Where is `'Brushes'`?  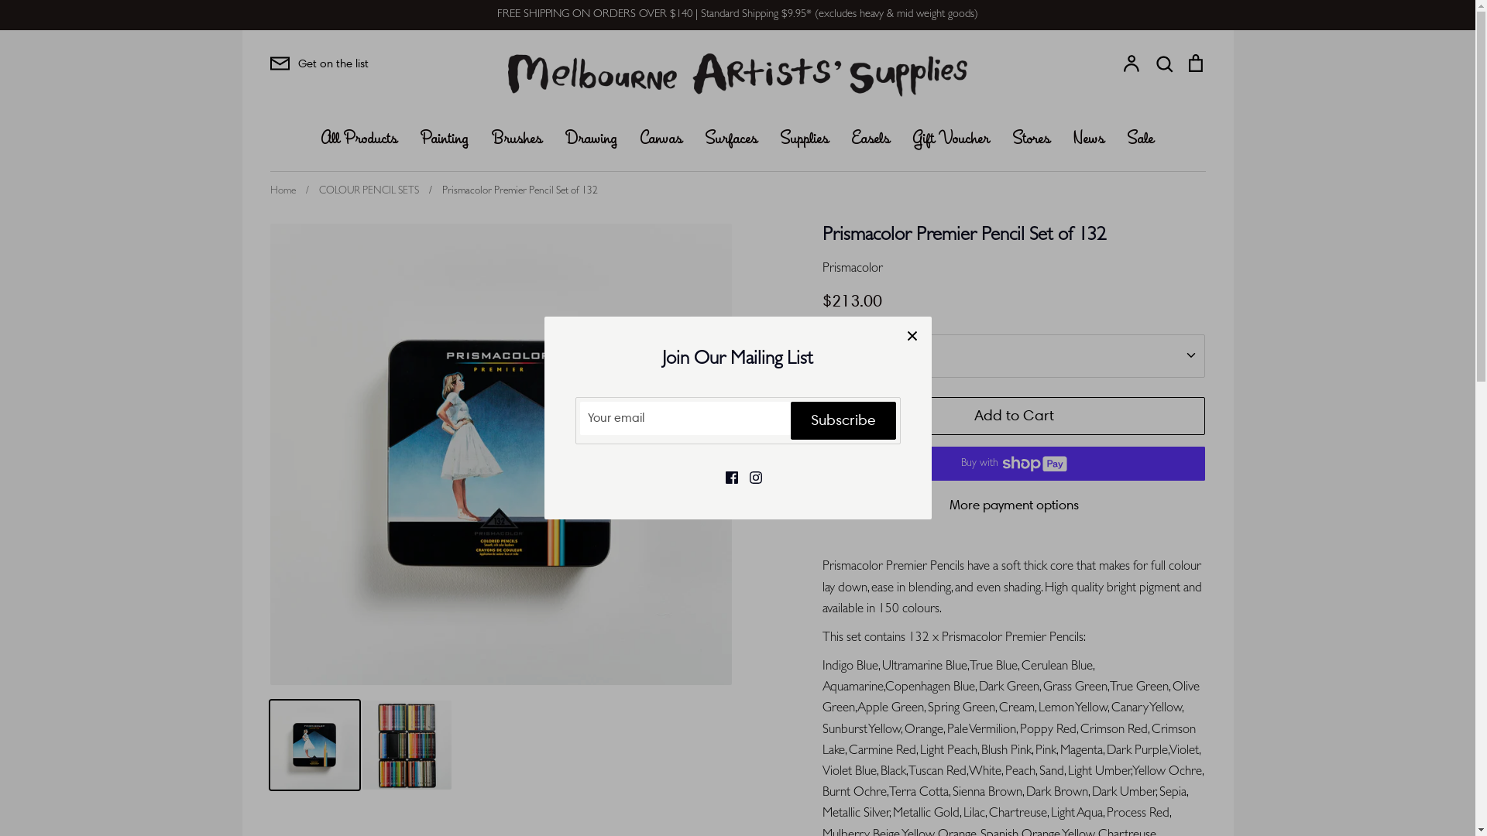
'Brushes' is located at coordinates (490, 139).